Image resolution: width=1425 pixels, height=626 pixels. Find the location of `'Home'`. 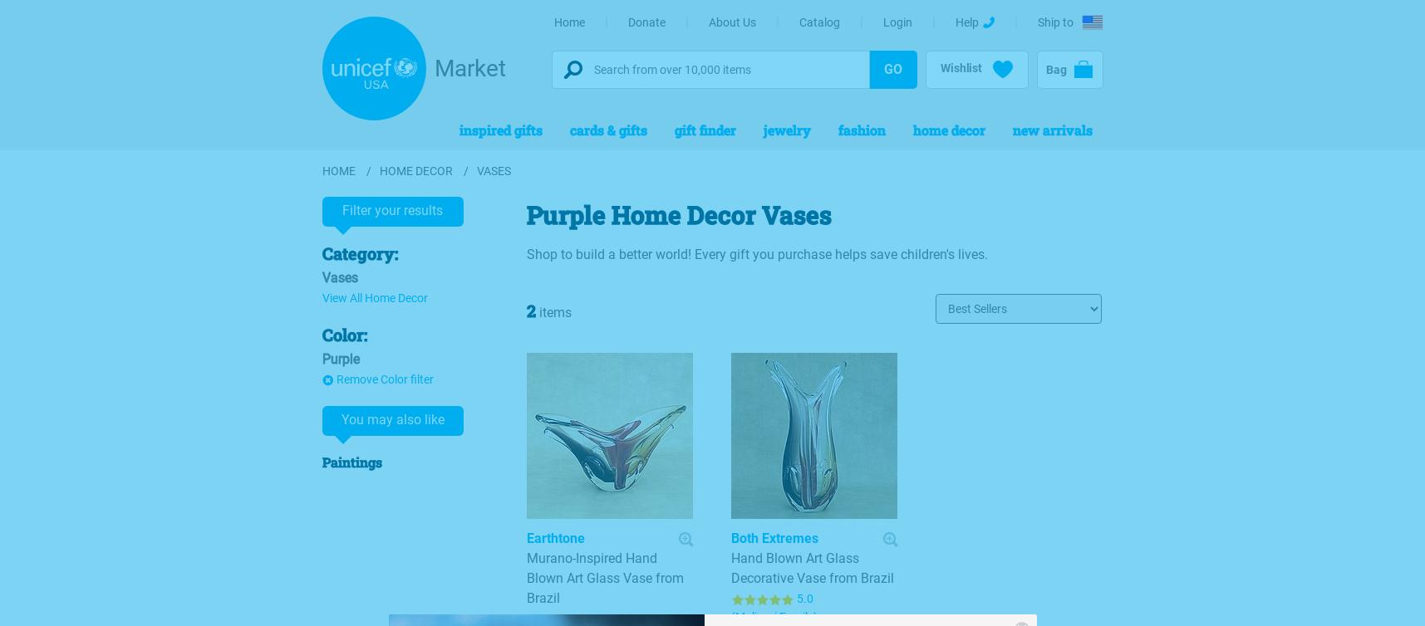

'Home' is located at coordinates (568, 22).